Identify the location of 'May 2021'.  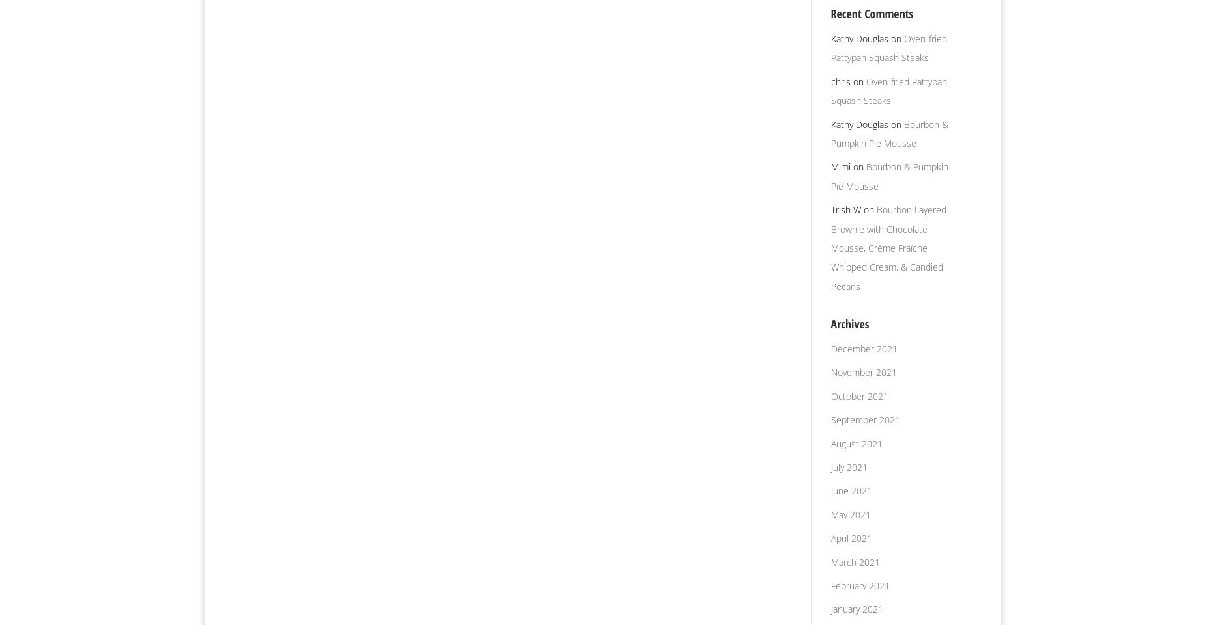
(849, 513).